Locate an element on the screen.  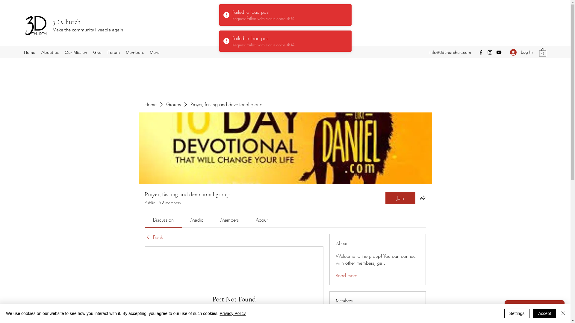
'Groups' is located at coordinates (173, 104).